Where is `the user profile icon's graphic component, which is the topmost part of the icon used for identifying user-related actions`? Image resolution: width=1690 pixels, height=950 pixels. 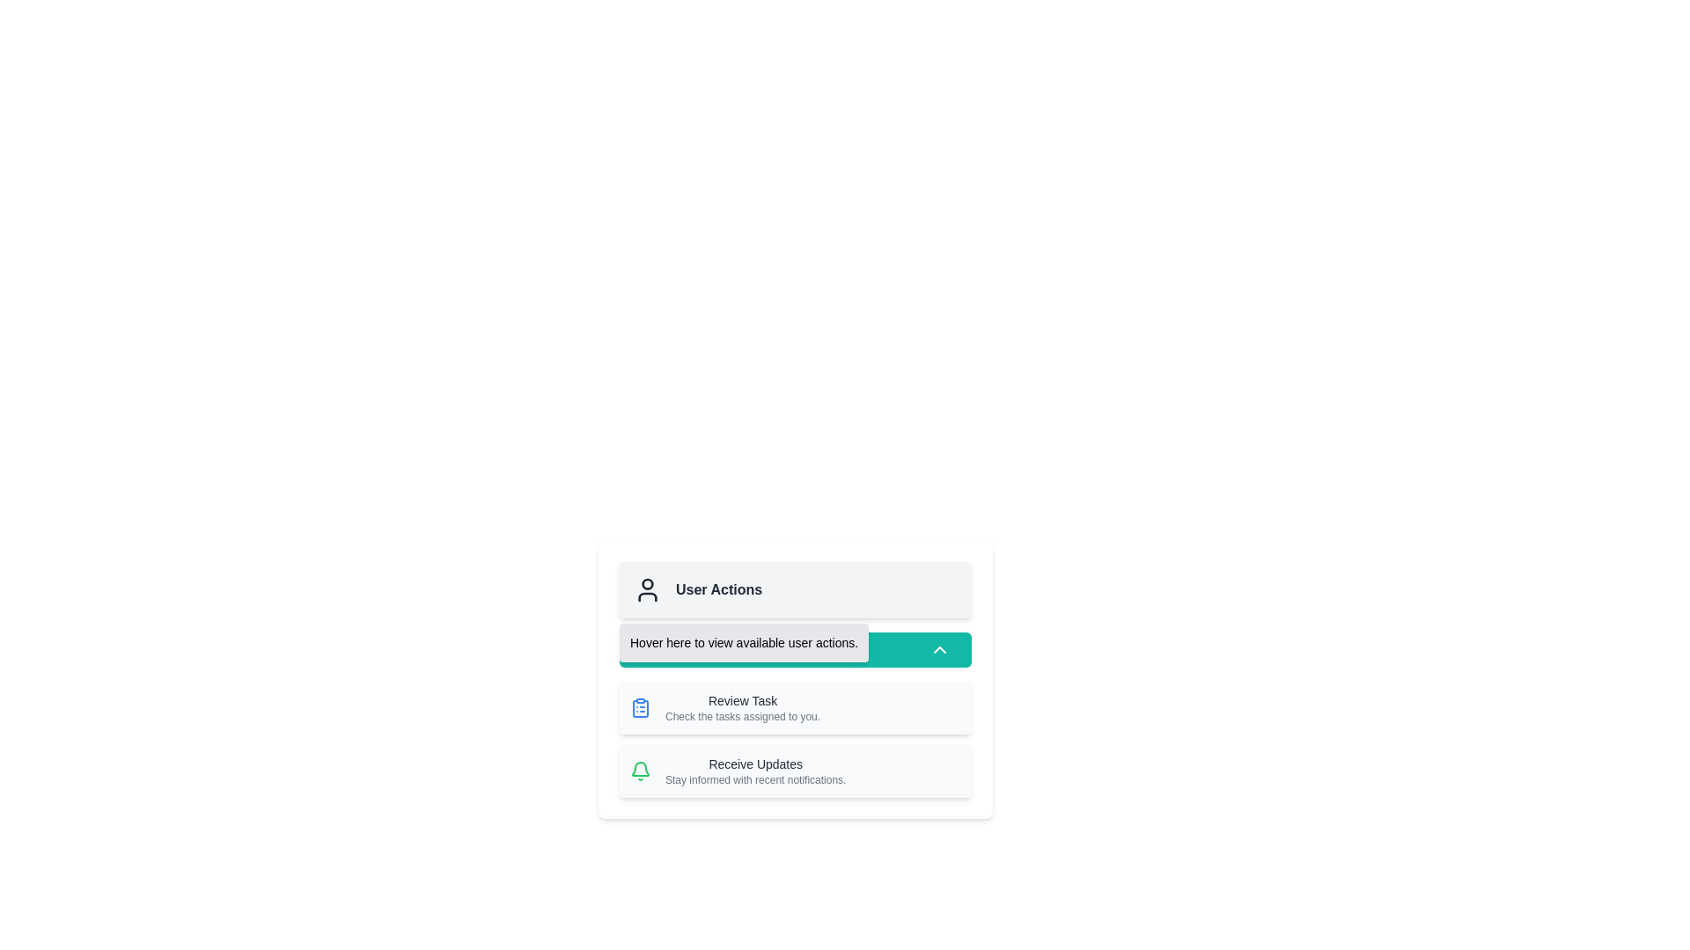
the user profile icon's graphic component, which is the topmost part of the icon used for identifying user-related actions is located at coordinates (646, 583).